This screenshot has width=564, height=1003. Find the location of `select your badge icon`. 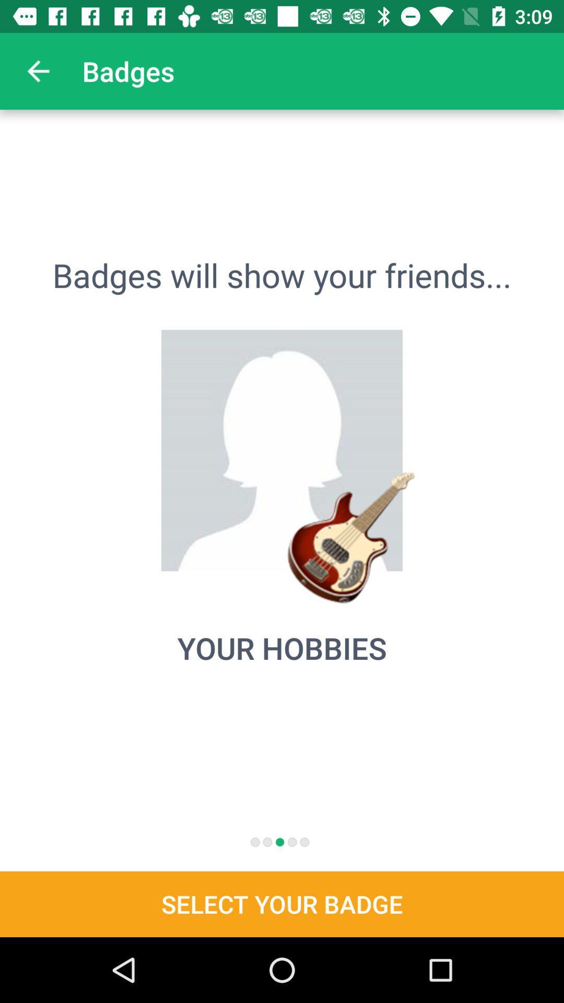

select your badge icon is located at coordinates (282, 904).